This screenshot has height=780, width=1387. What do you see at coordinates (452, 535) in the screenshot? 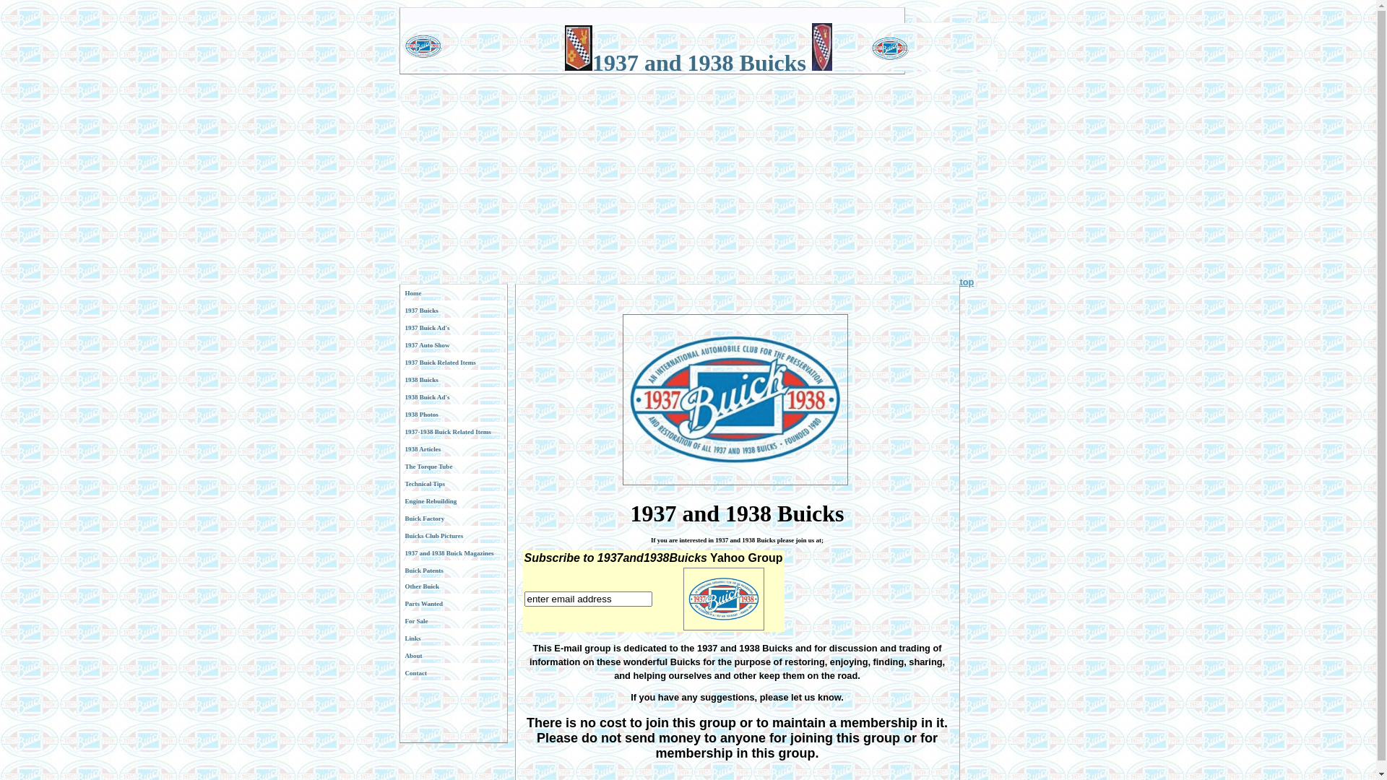
I see `'Buicks Club Pictures'` at bounding box center [452, 535].